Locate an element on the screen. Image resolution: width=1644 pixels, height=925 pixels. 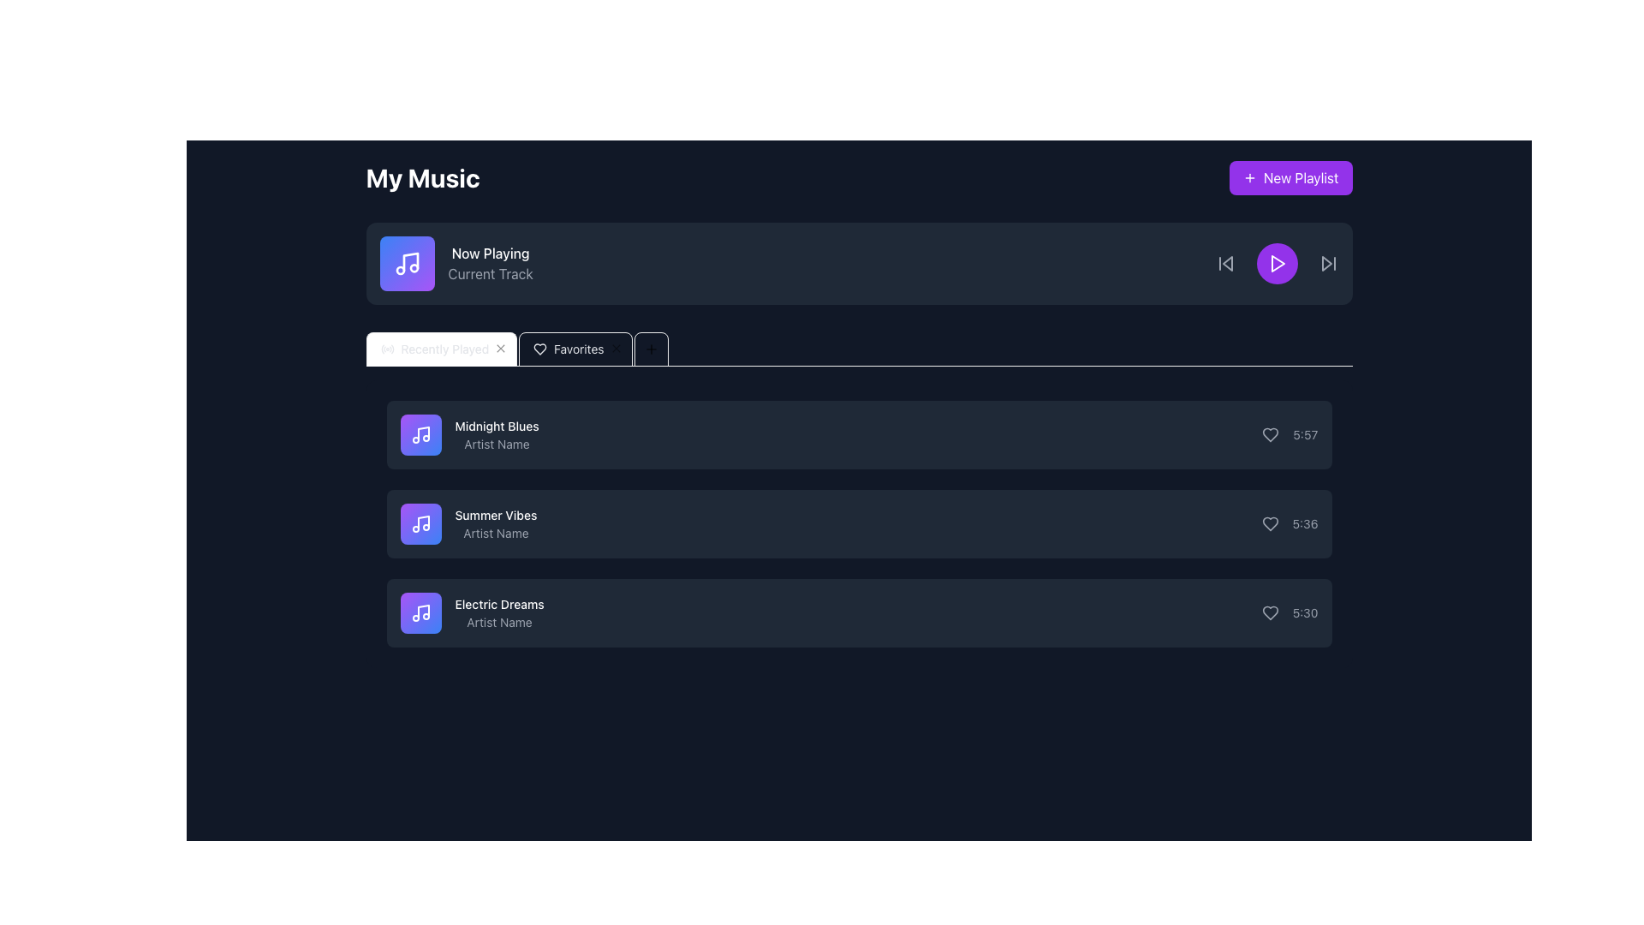
time duration text displayed next to the heart icon for the song 'Electric Dreams', located at the far right of the playlist row is located at coordinates (1290, 612).